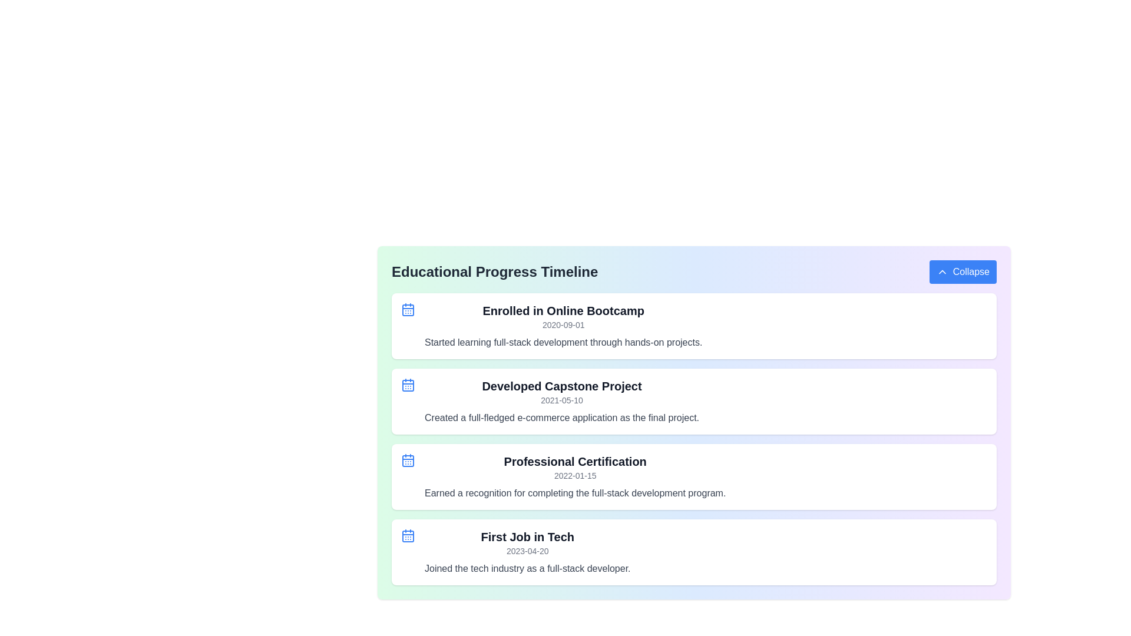  Describe the element at coordinates (527, 551) in the screenshot. I see `the static text label that displays the date associated with the 'First Job in Tech' entry in the timeline, located beneath the title and above the description` at that location.